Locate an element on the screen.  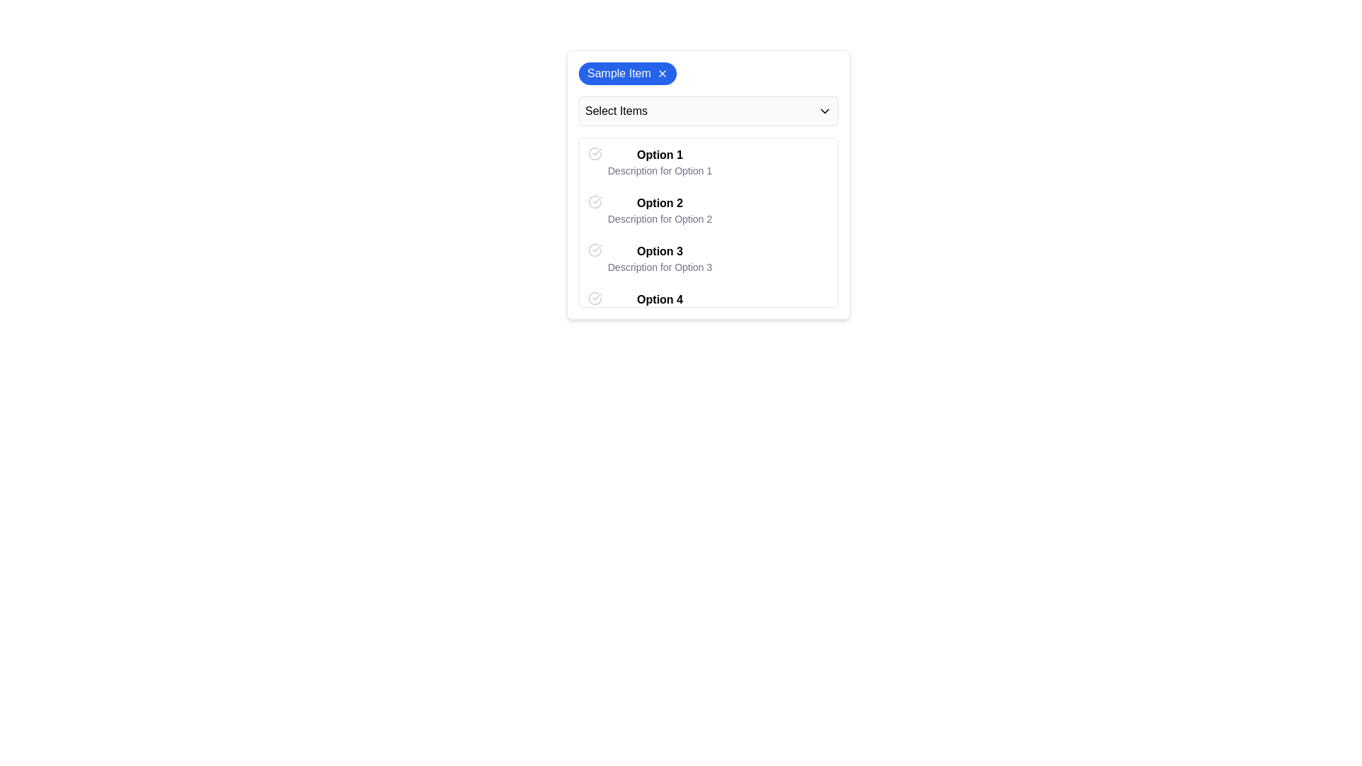
text labeled 'Option 3' which is styled in bold and located within a dropdown menu, positioned third in a vertical list of options is located at coordinates (659, 250).